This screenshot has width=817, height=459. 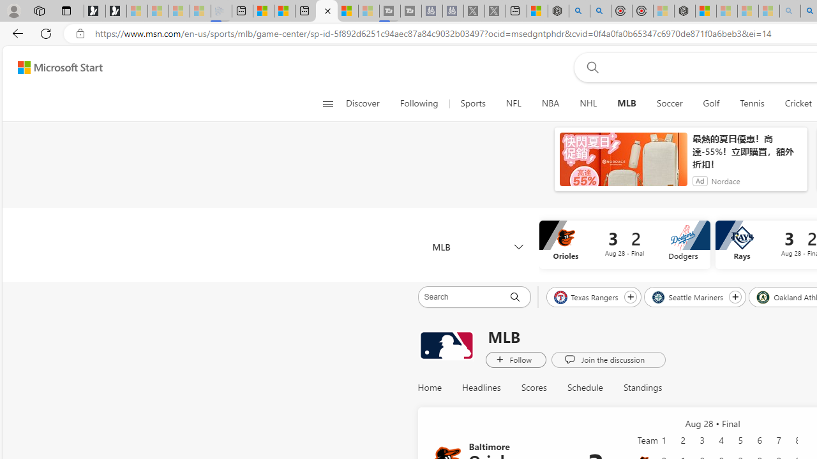 I want to click on 'Skip to content', so click(x=55, y=67).